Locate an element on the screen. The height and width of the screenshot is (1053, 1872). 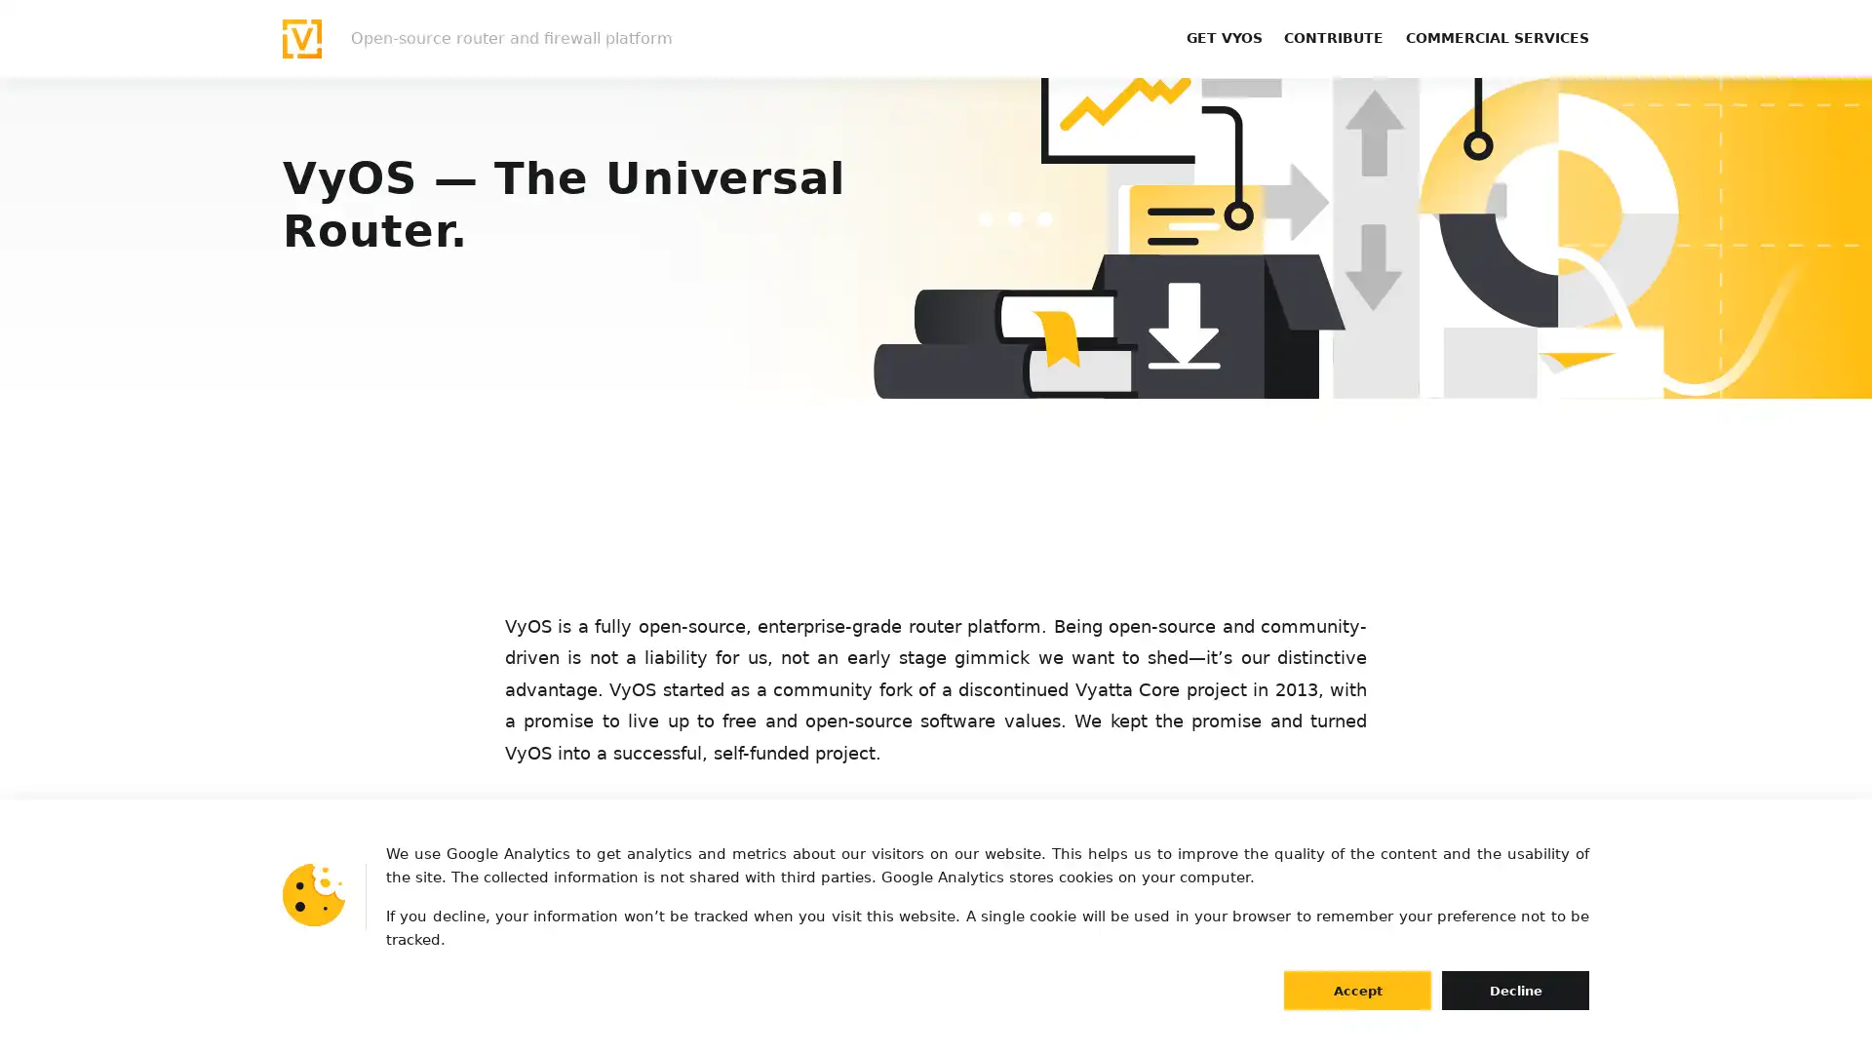
Decline is located at coordinates (1514, 990).